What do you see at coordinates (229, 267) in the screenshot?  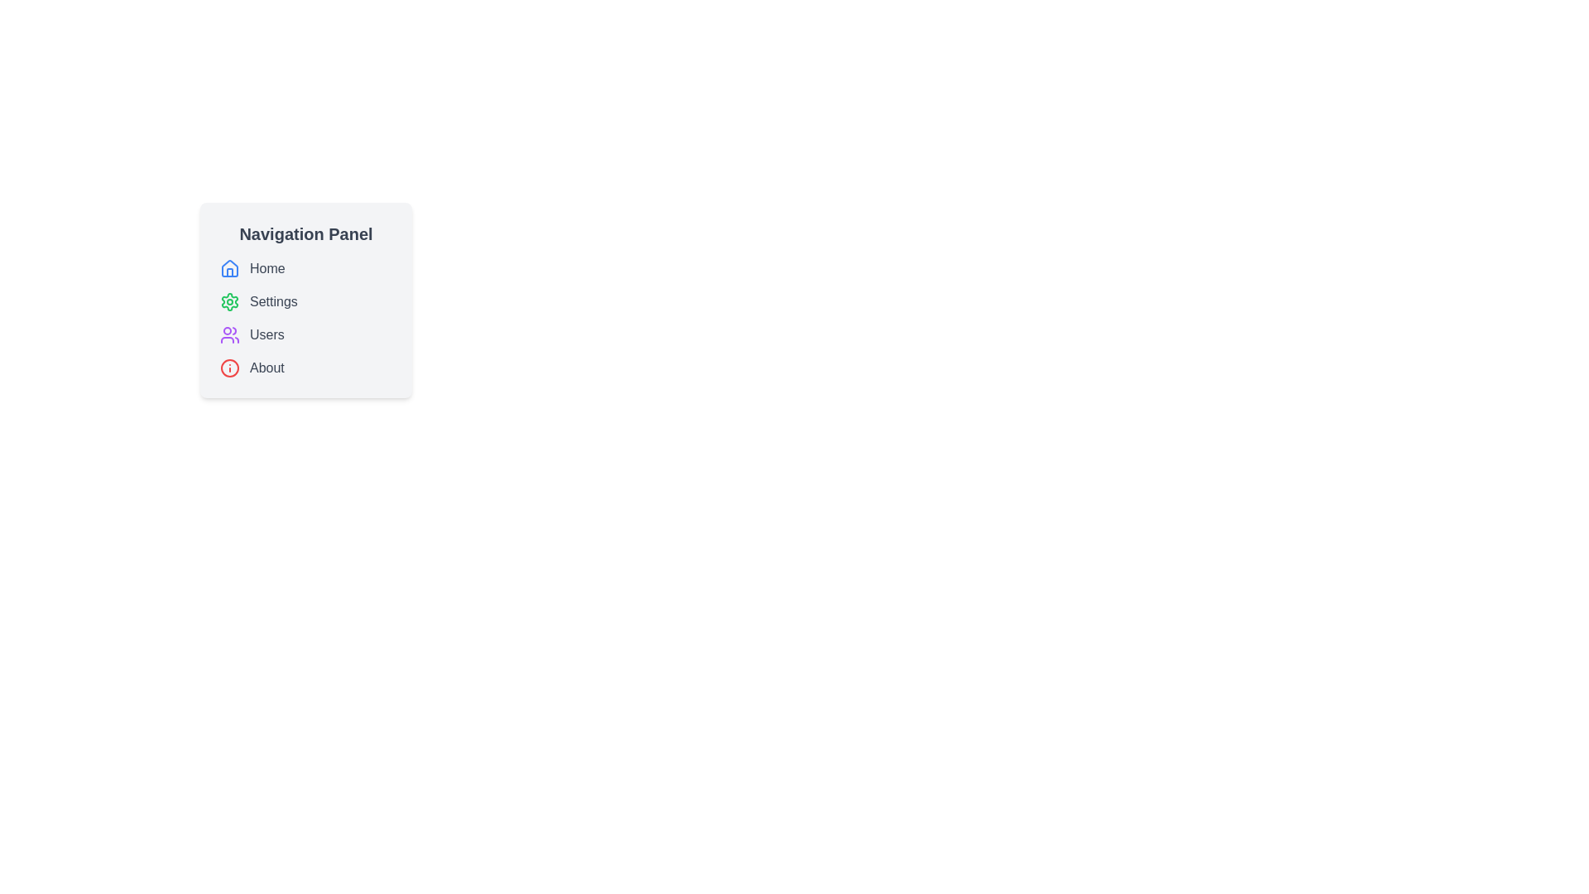 I see `the 'Home' icon, which is an SVG icon resembling a house outline, located at the top-left of the navigation panel` at bounding box center [229, 267].